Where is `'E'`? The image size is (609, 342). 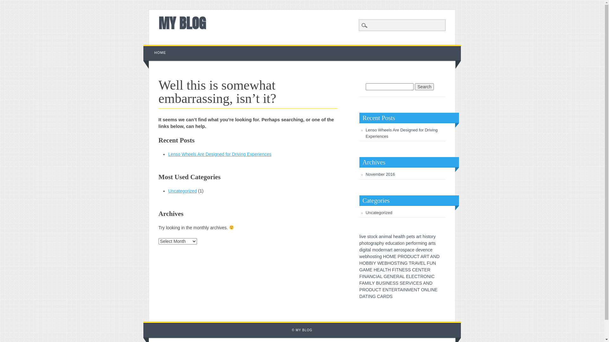 'E' is located at coordinates (370, 270).